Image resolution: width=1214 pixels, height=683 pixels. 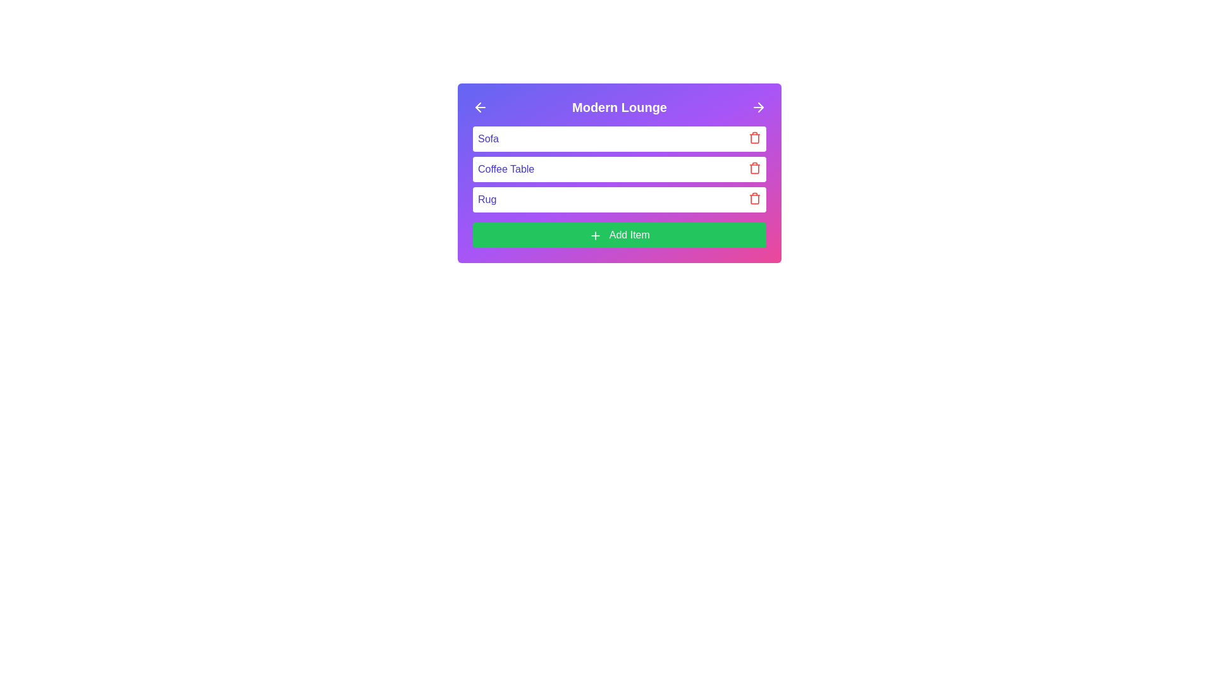 What do you see at coordinates (595, 235) in the screenshot?
I see `the 'Add Item' icon located within the green rectangular button that represents adding a new item in the modal box` at bounding box center [595, 235].